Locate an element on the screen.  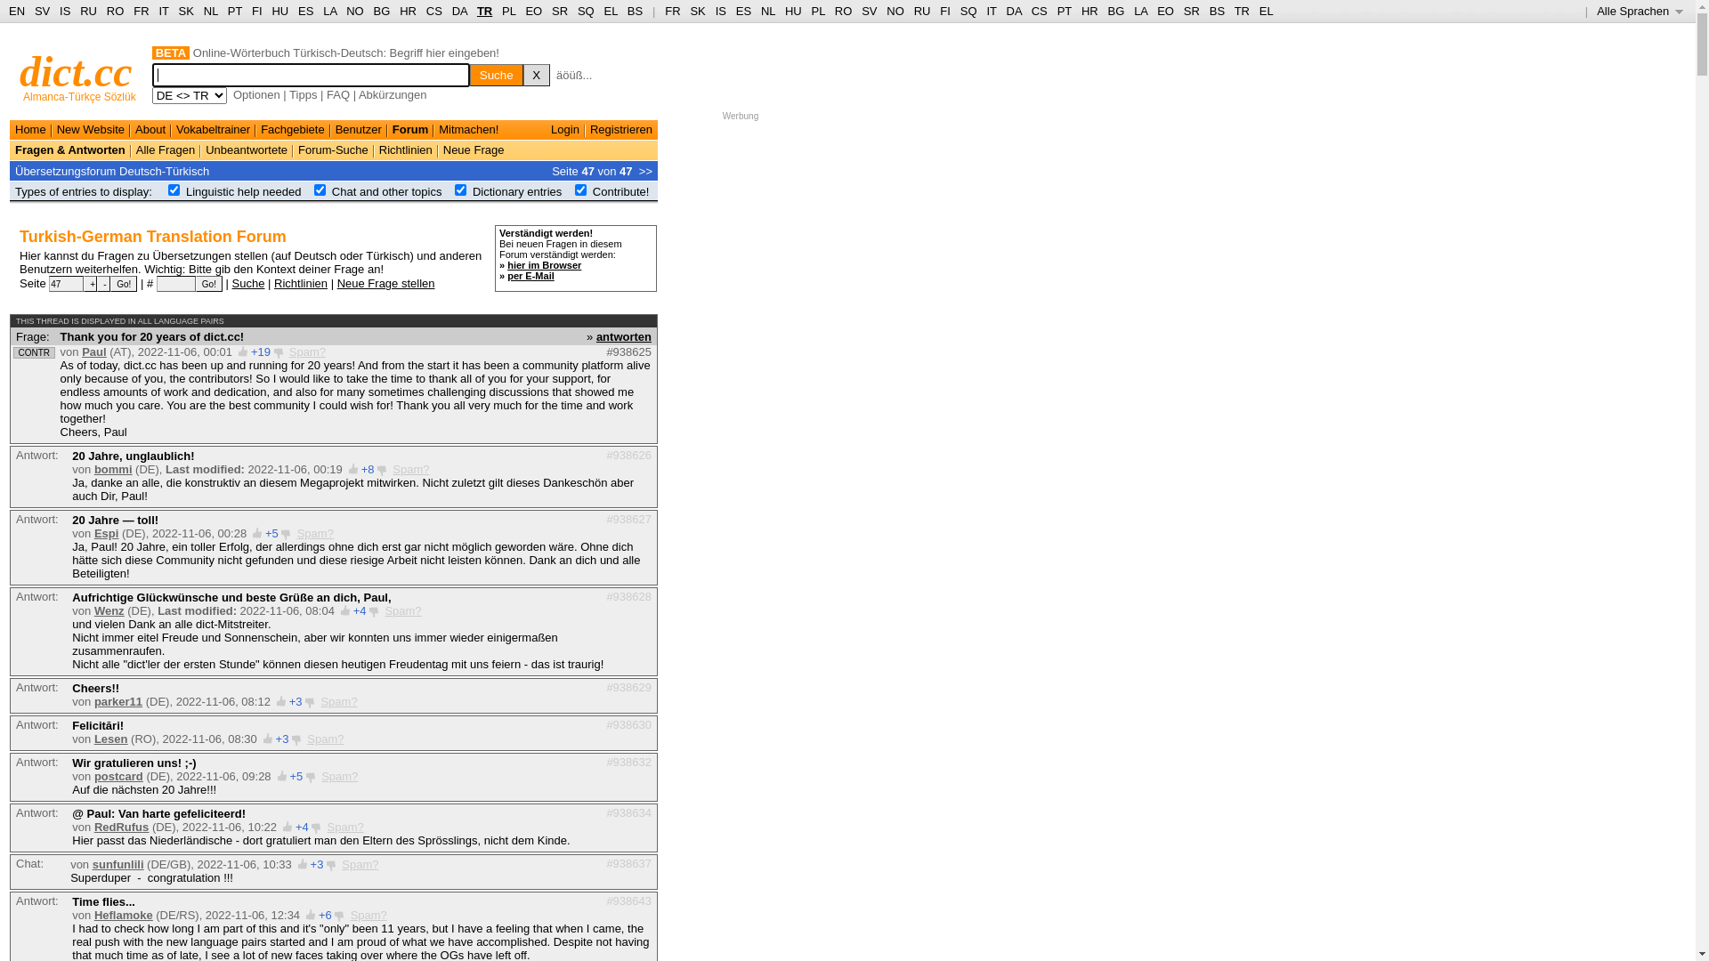
'X' is located at coordinates (536, 74).